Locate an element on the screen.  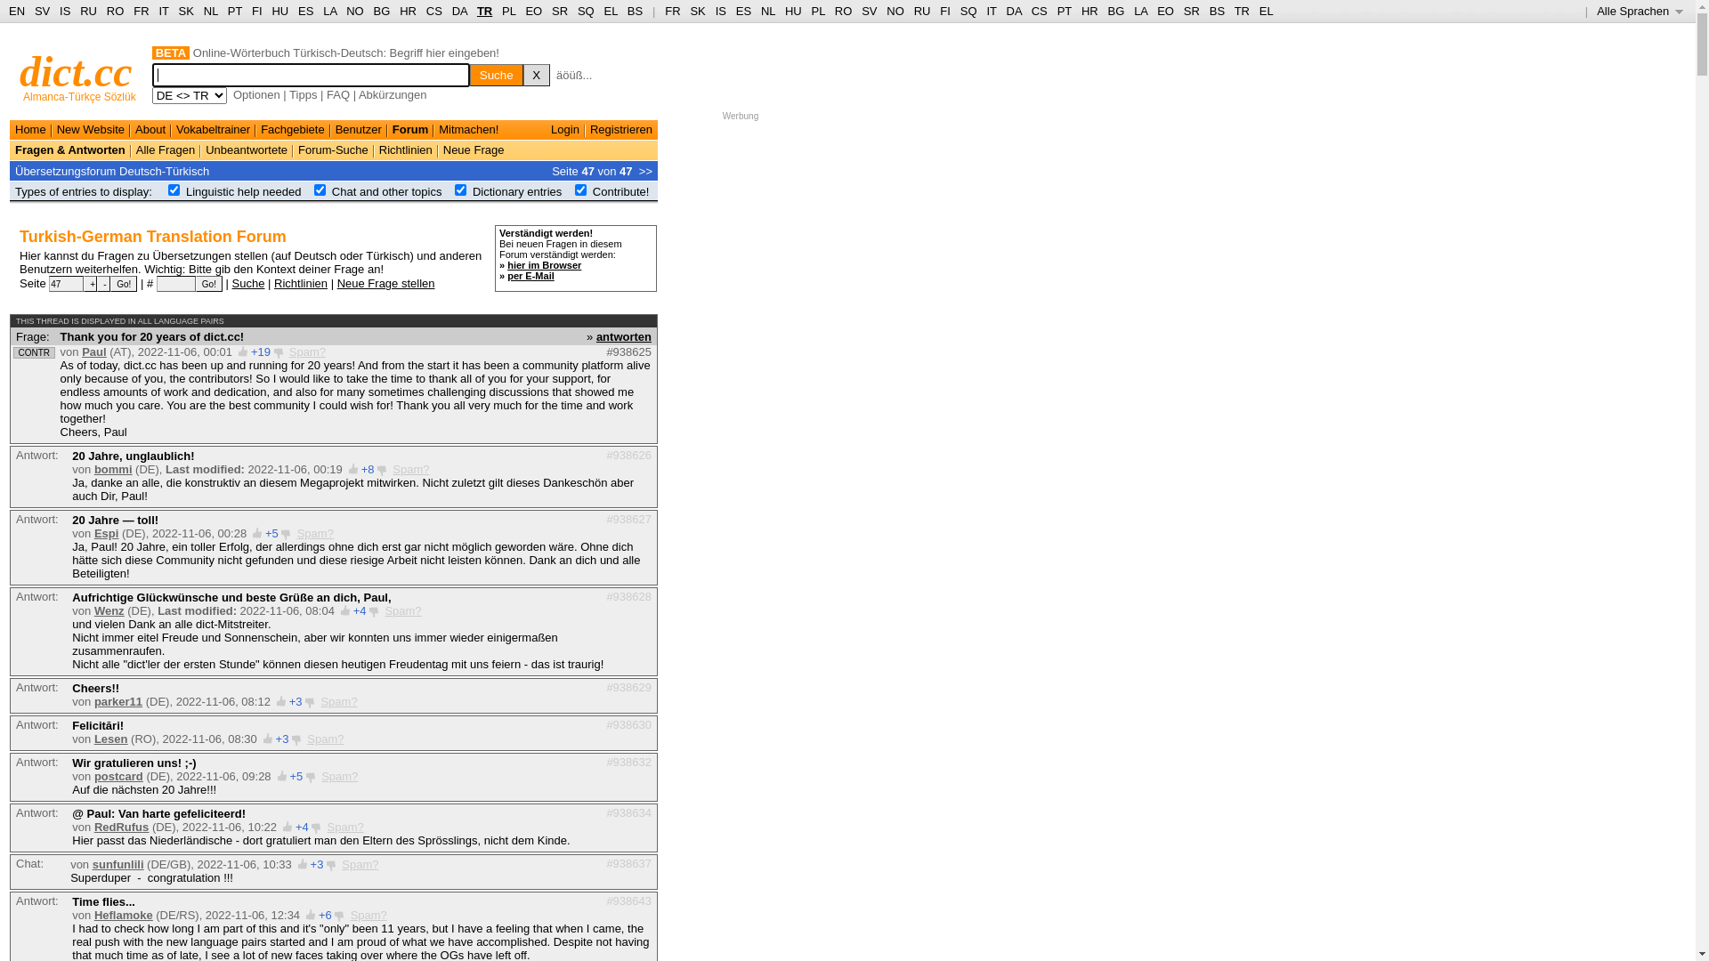
'X' is located at coordinates (536, 74).